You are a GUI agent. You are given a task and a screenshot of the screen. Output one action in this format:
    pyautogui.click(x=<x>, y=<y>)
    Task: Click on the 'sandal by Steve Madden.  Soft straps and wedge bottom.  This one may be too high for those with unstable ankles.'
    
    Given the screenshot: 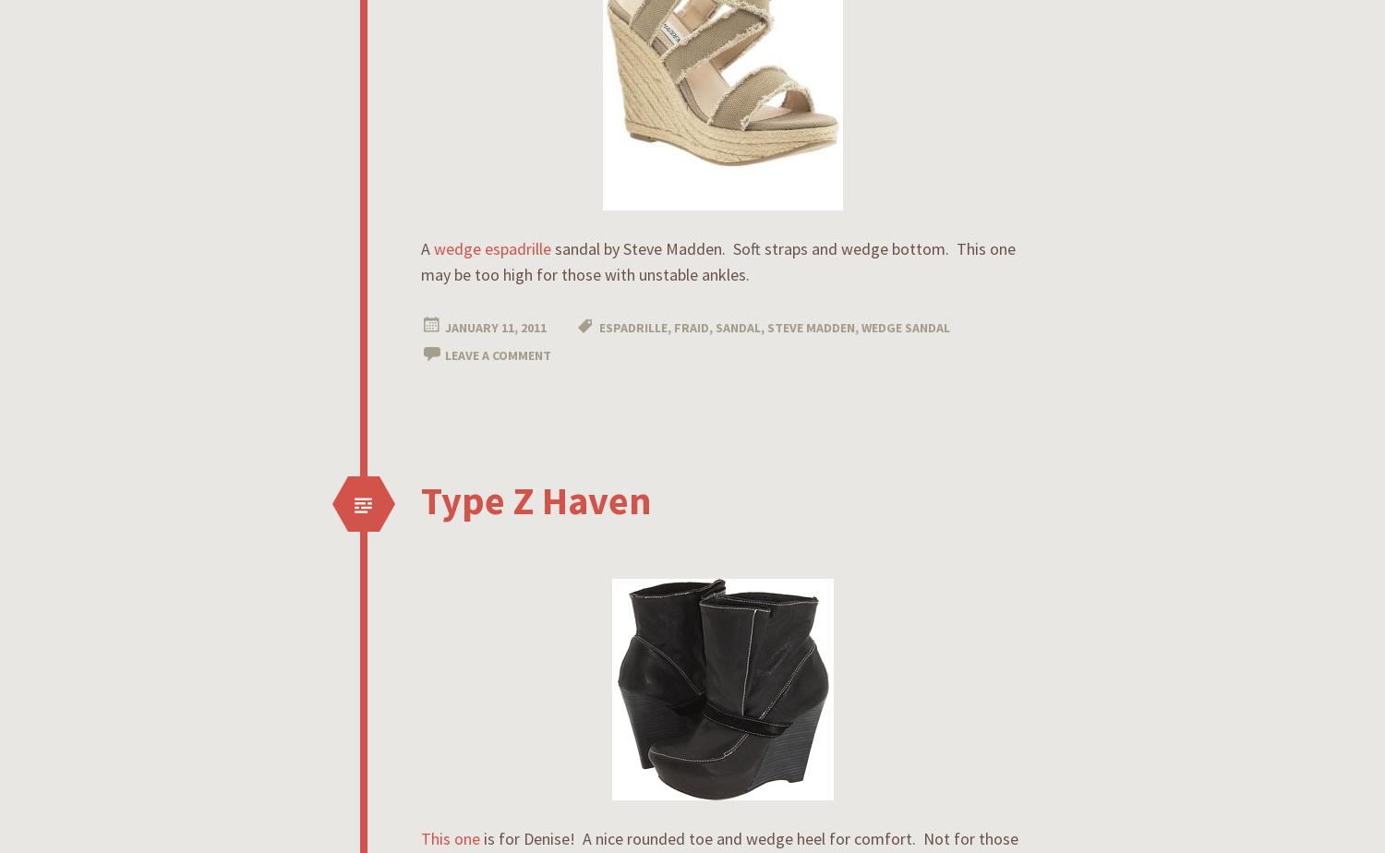 What is the action you would take?
    pyautogui.click(x=718, y=261)
    